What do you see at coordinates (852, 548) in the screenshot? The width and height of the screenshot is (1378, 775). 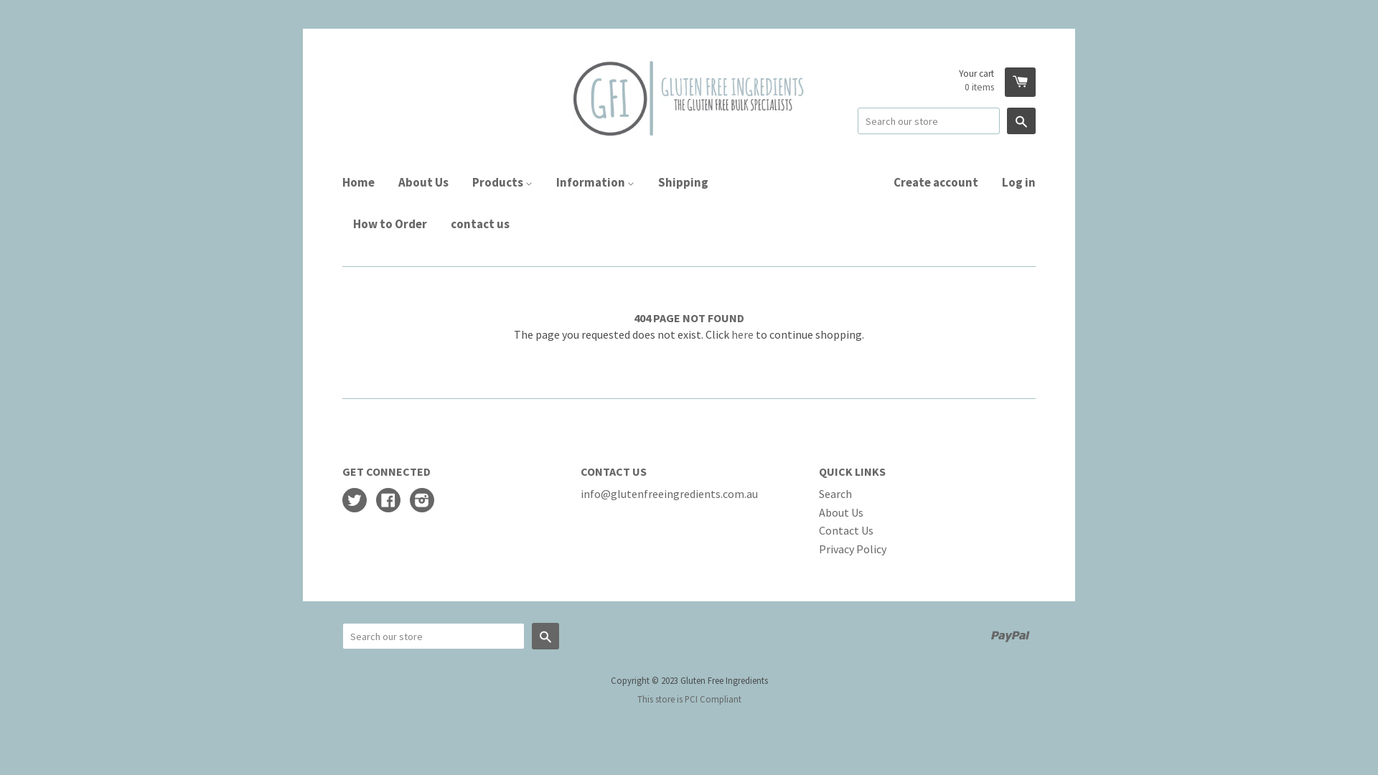 I see `'Privacy Policy'` at bounding box center [852, 548].